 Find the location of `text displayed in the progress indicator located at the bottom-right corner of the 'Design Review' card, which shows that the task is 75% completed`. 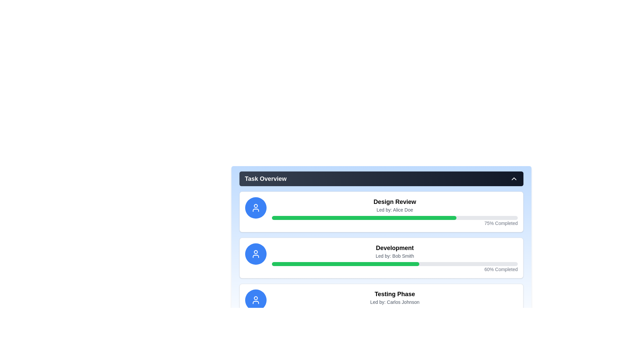

text displayed in the progress indicator located at the bottom-right corner of the 'Design Review' card, which shows that the task is 75% completed is located at coordinates (395, 223).